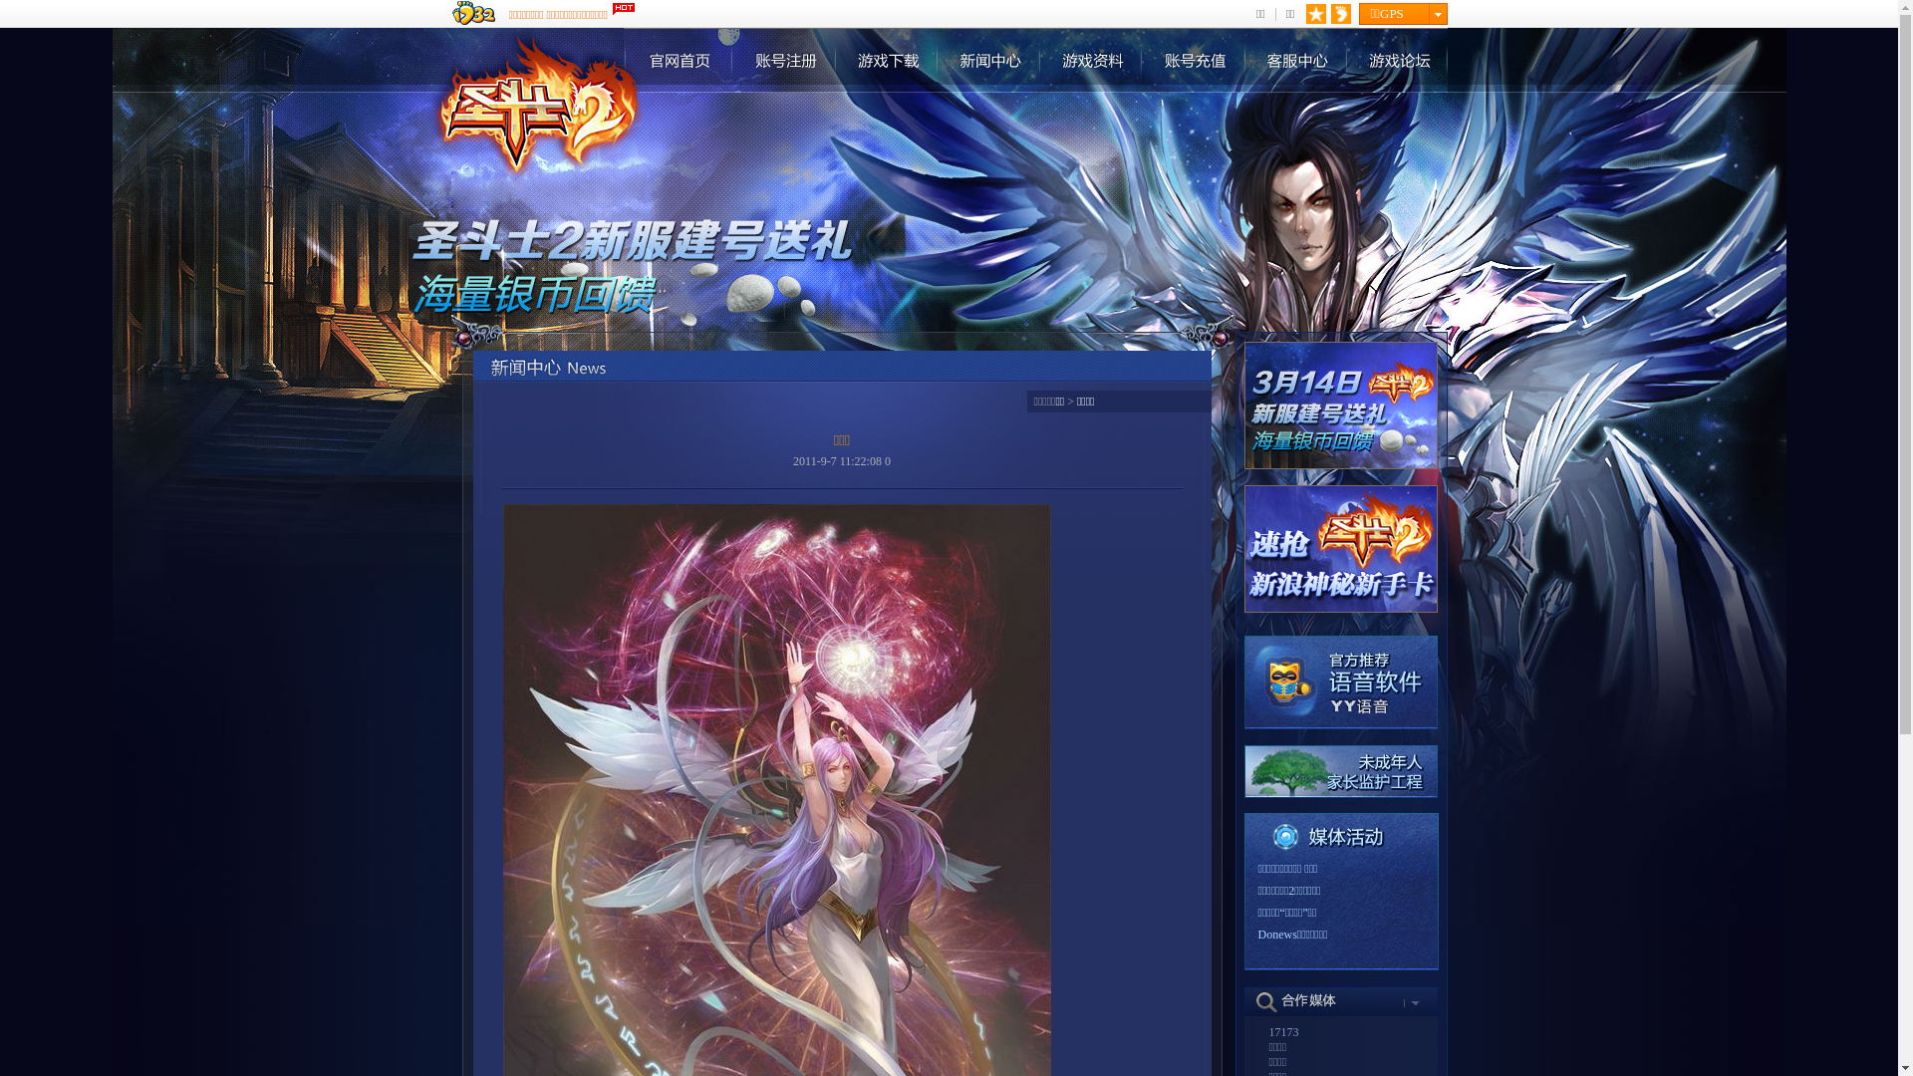 The height and width of the screenshot is (1076, 1913). Describe the element at coordinates (1267, 1031) in the screenshot. I see `'17173'` at that location.